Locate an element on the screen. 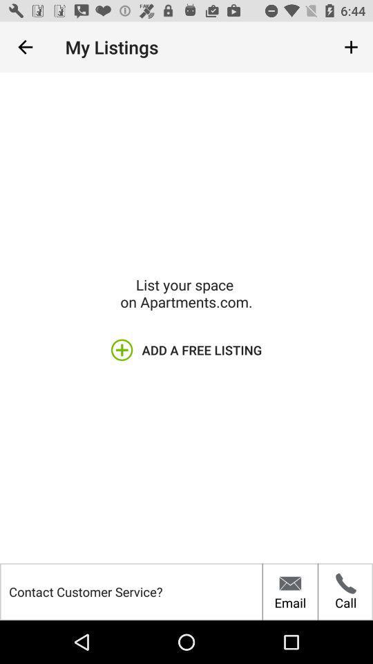 The image size is (373, 664). the item below the add a free icon is located at coordinates (289, 591).